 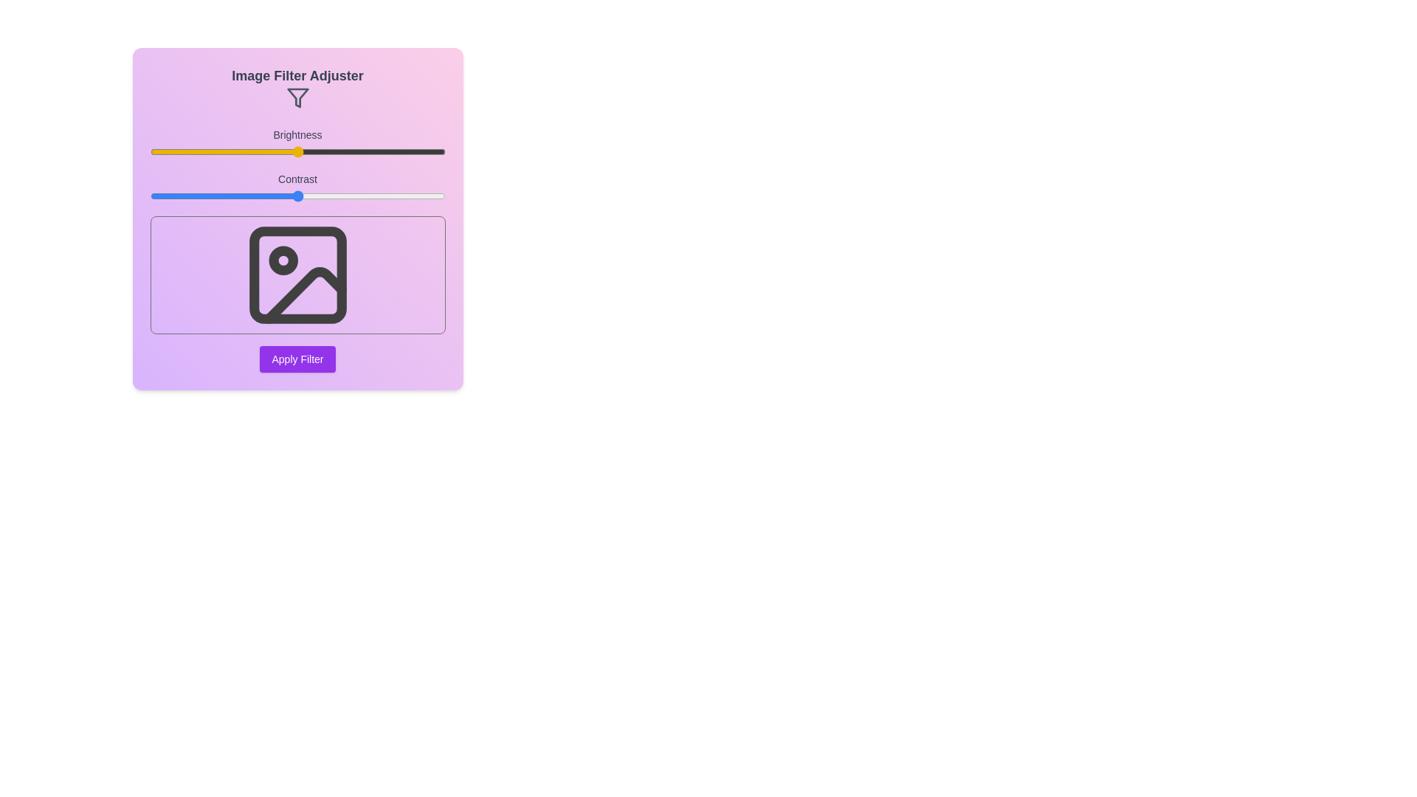 I want to click on the contrast slider to 71%, so click(x=359, y=196).